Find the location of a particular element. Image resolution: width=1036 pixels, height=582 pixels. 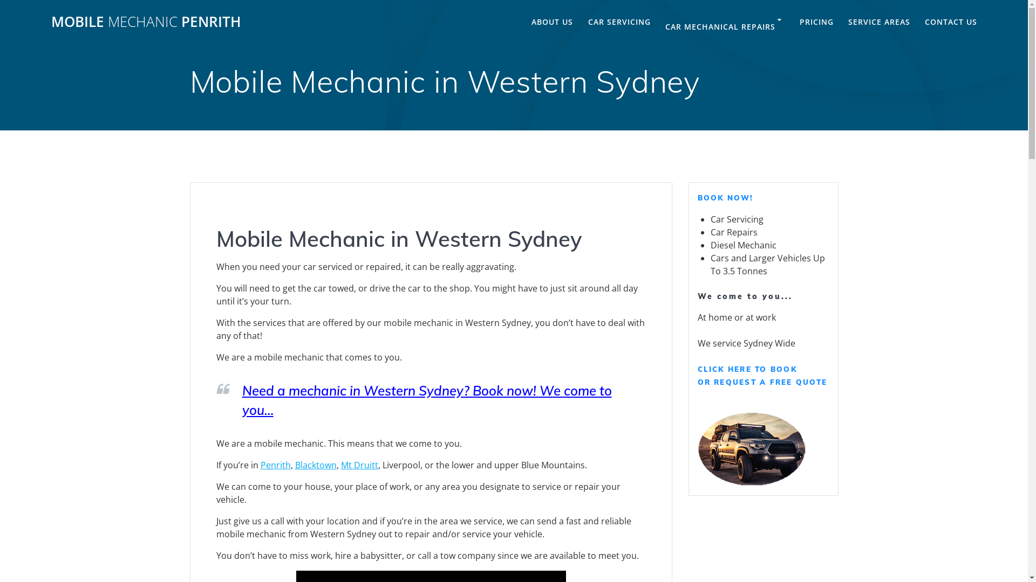

'CAR SERVICING' is located at coordinates (619, 22).